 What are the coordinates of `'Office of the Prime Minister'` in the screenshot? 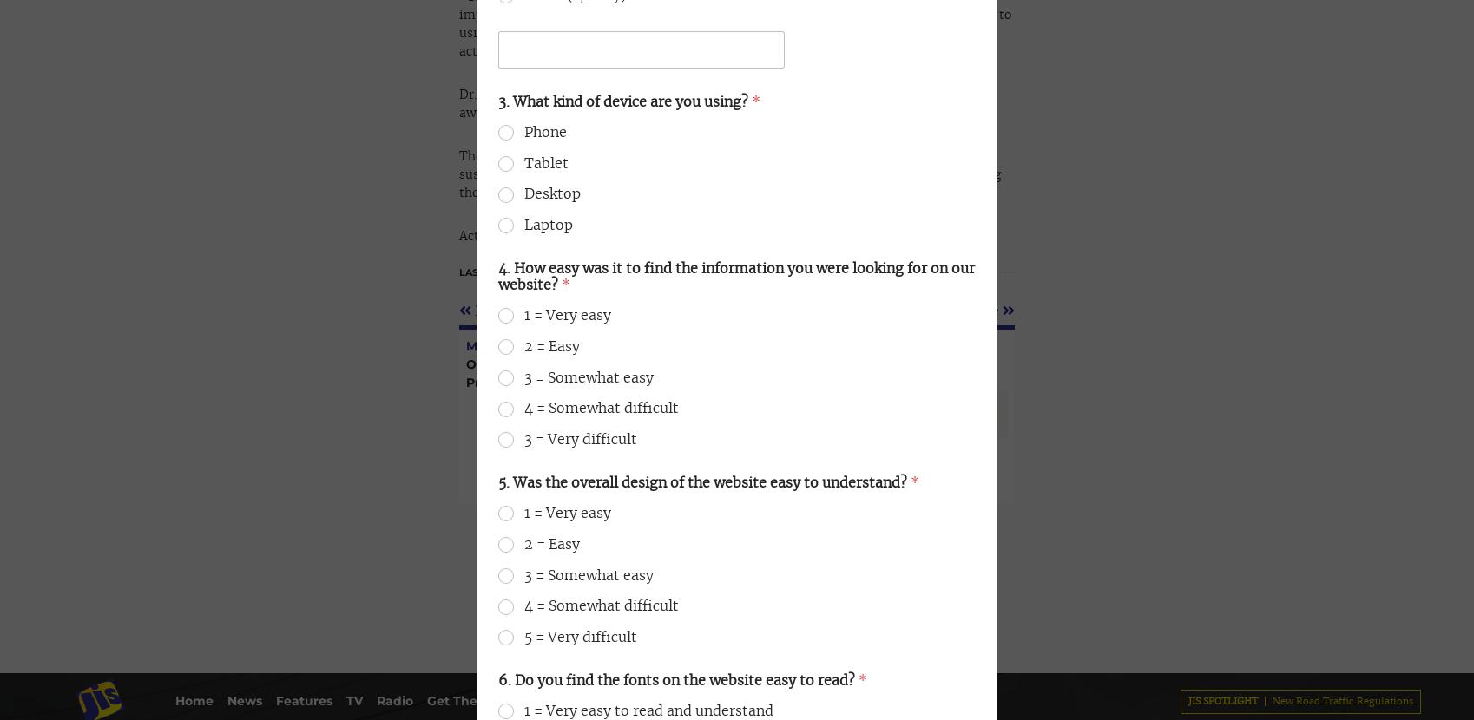 It's located at (136, 46).